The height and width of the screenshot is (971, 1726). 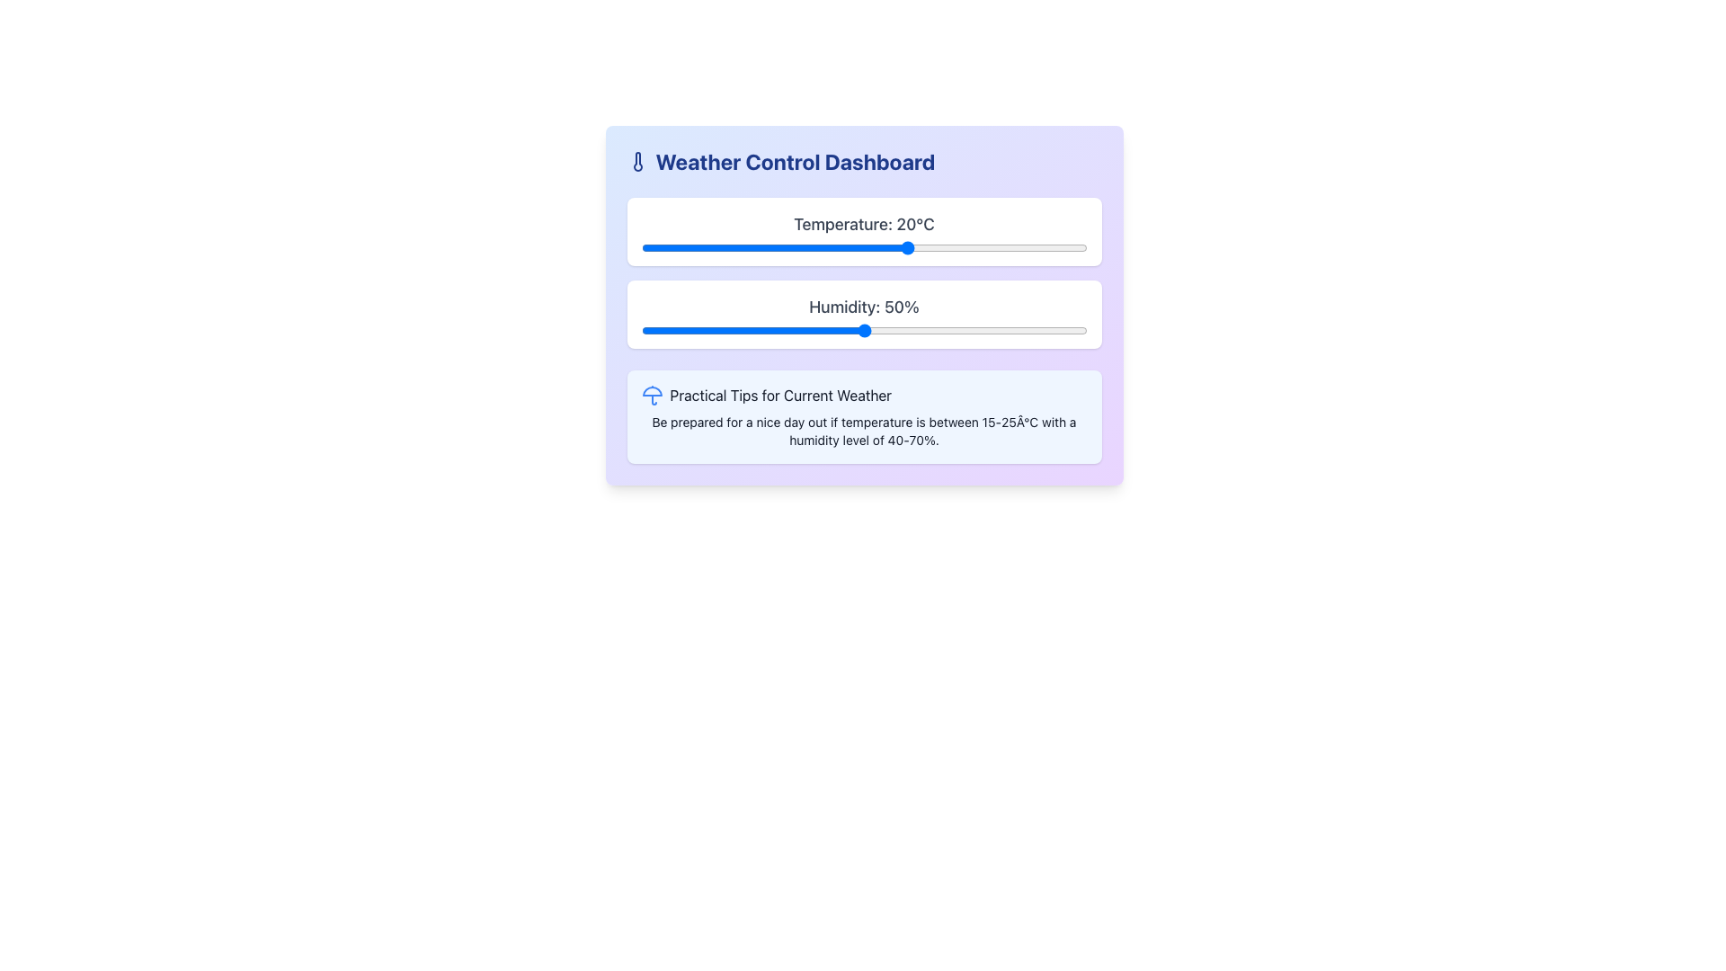 What do you see at coordinates (864, 330) in the screenshot?
I see `the horizontal slider with a gradient background to set a specific humidity value, located beneath the 'Humidity: 50%' label in the second card of the Weather Control Dashboard` at bounding box center [864, 330].